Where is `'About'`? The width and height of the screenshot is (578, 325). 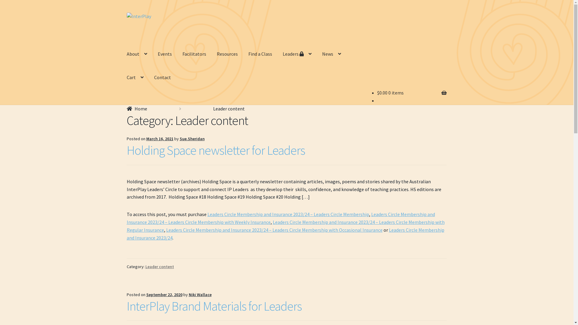 'About' is located at coordinates (137, 54).